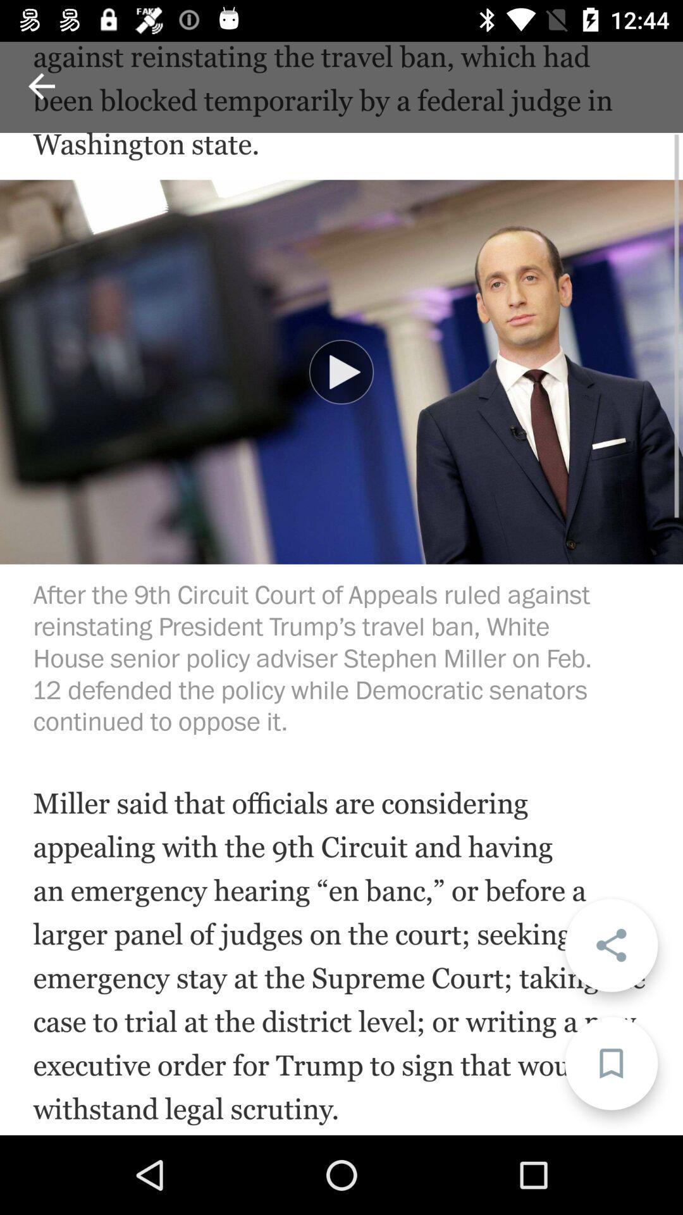 The height and width of the screenshot is (1215, 683). I want to click on item below white house senior item, so click(341, 371).